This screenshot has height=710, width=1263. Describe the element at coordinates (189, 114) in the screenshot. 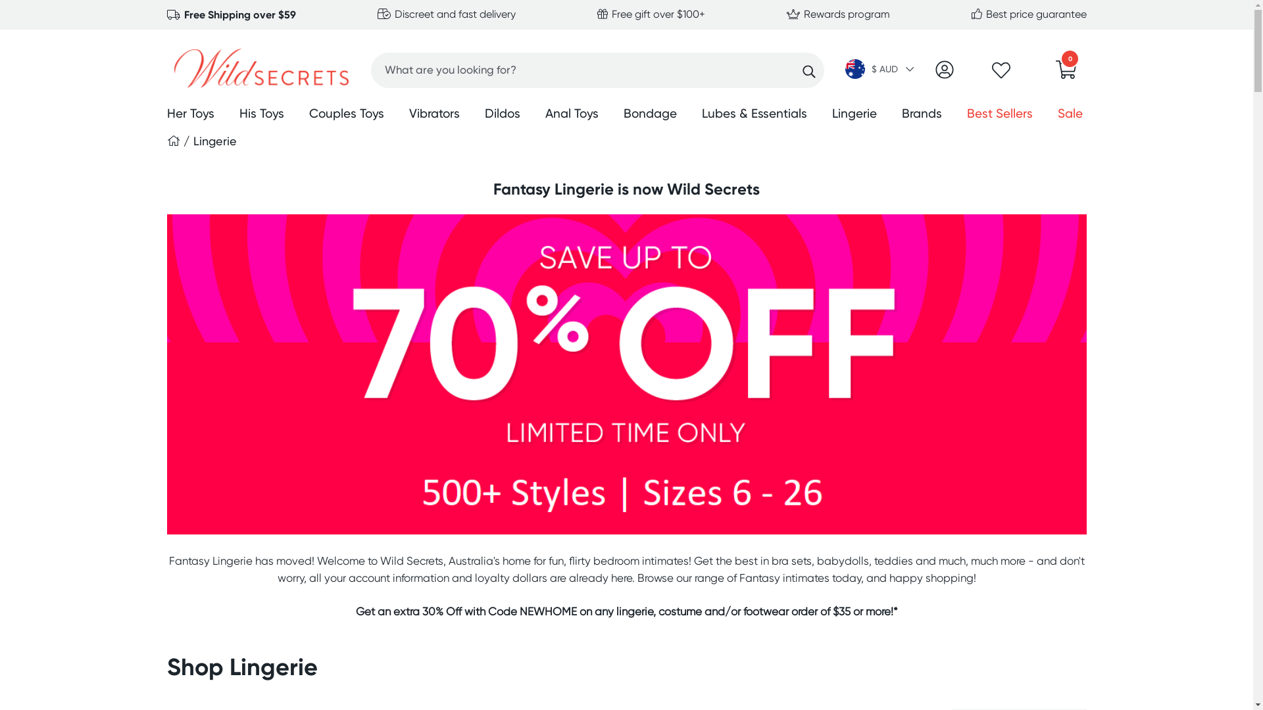

I see `'Her Toys'` at that location.